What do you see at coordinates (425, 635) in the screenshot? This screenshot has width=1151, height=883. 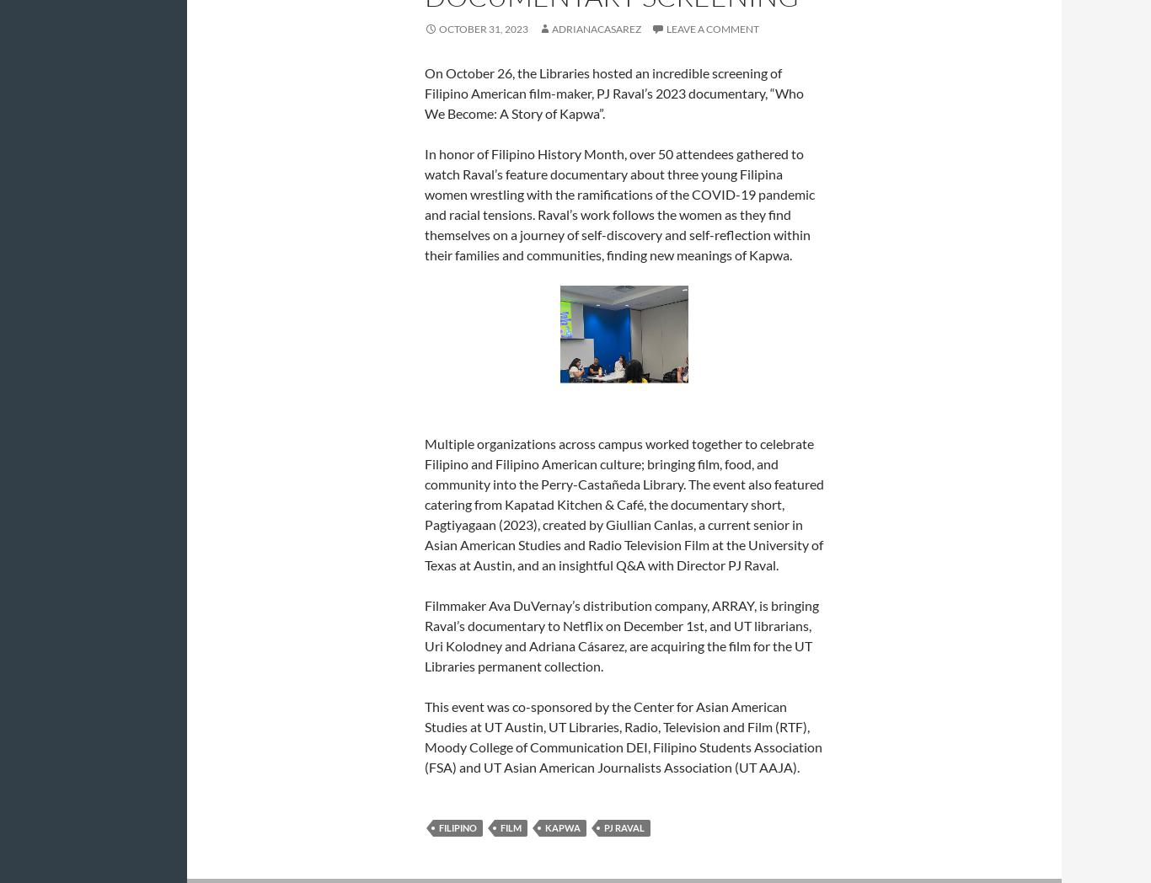 I see `'Filmmaker Ava DuVernay’s distribution company, ARRAY, is bringing Raval’s documentary to Netflix on December 1st, and UT librarians, Uri Kolodney and Adriana Cásarez, are acquiring the film for the UT Libraries permanent collection.'` at bounding box center [425, 635].